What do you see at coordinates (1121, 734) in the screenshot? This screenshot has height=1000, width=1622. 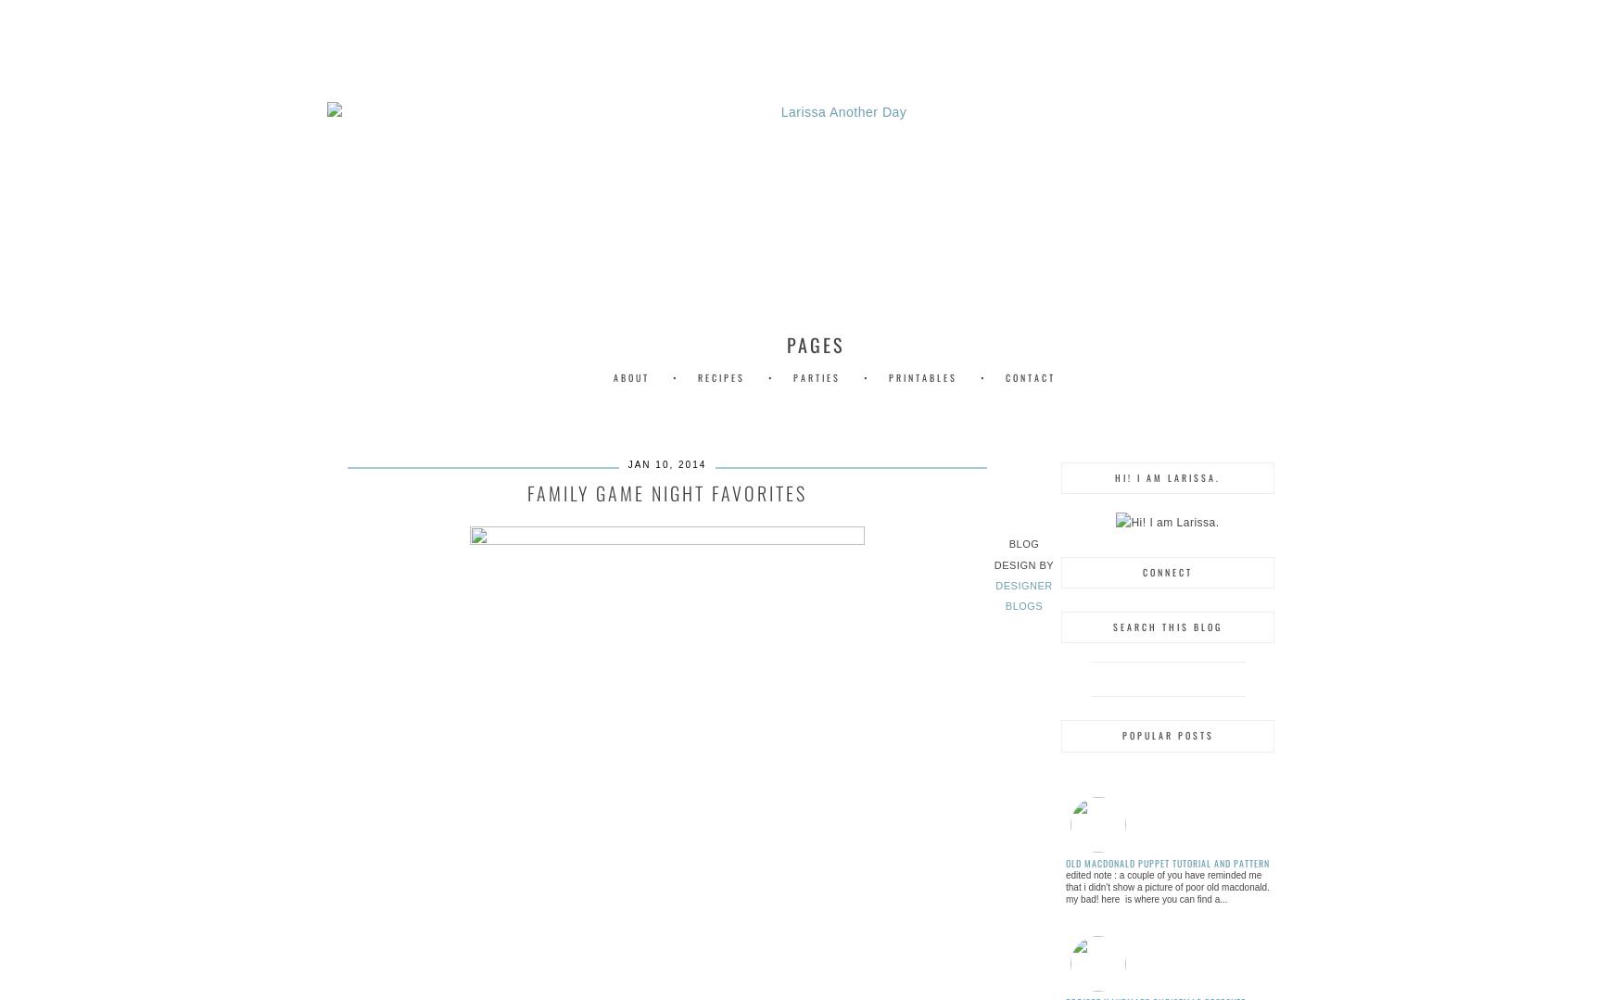 I see `'Popular Posts'` at bounding box center [1121, 734].